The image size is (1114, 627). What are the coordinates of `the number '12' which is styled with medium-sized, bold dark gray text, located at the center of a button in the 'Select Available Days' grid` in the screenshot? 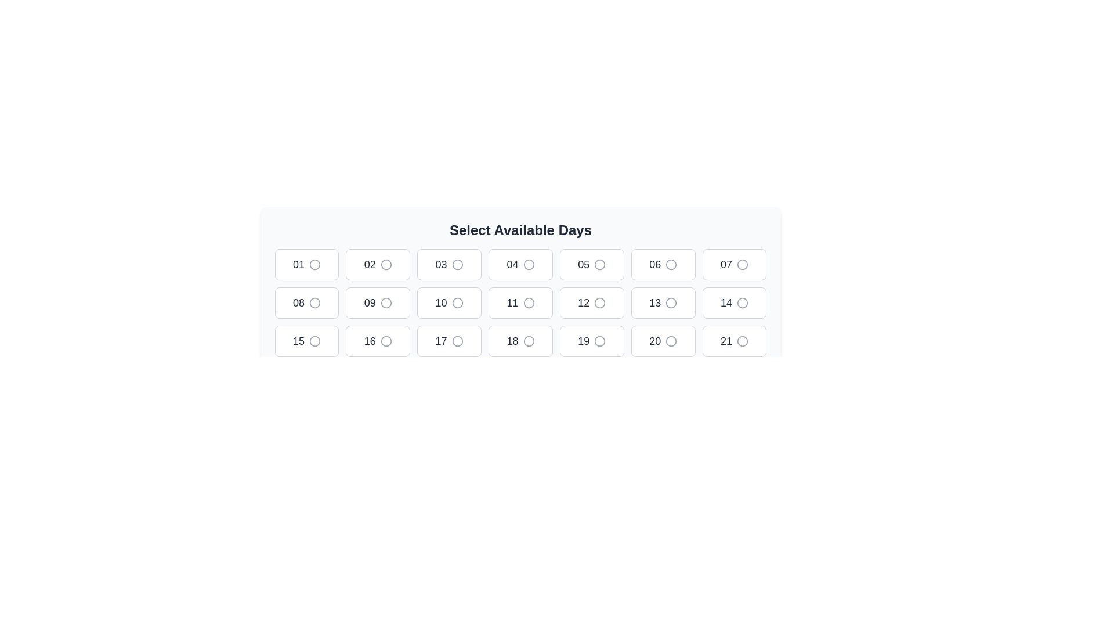 It's located at (584, 302).